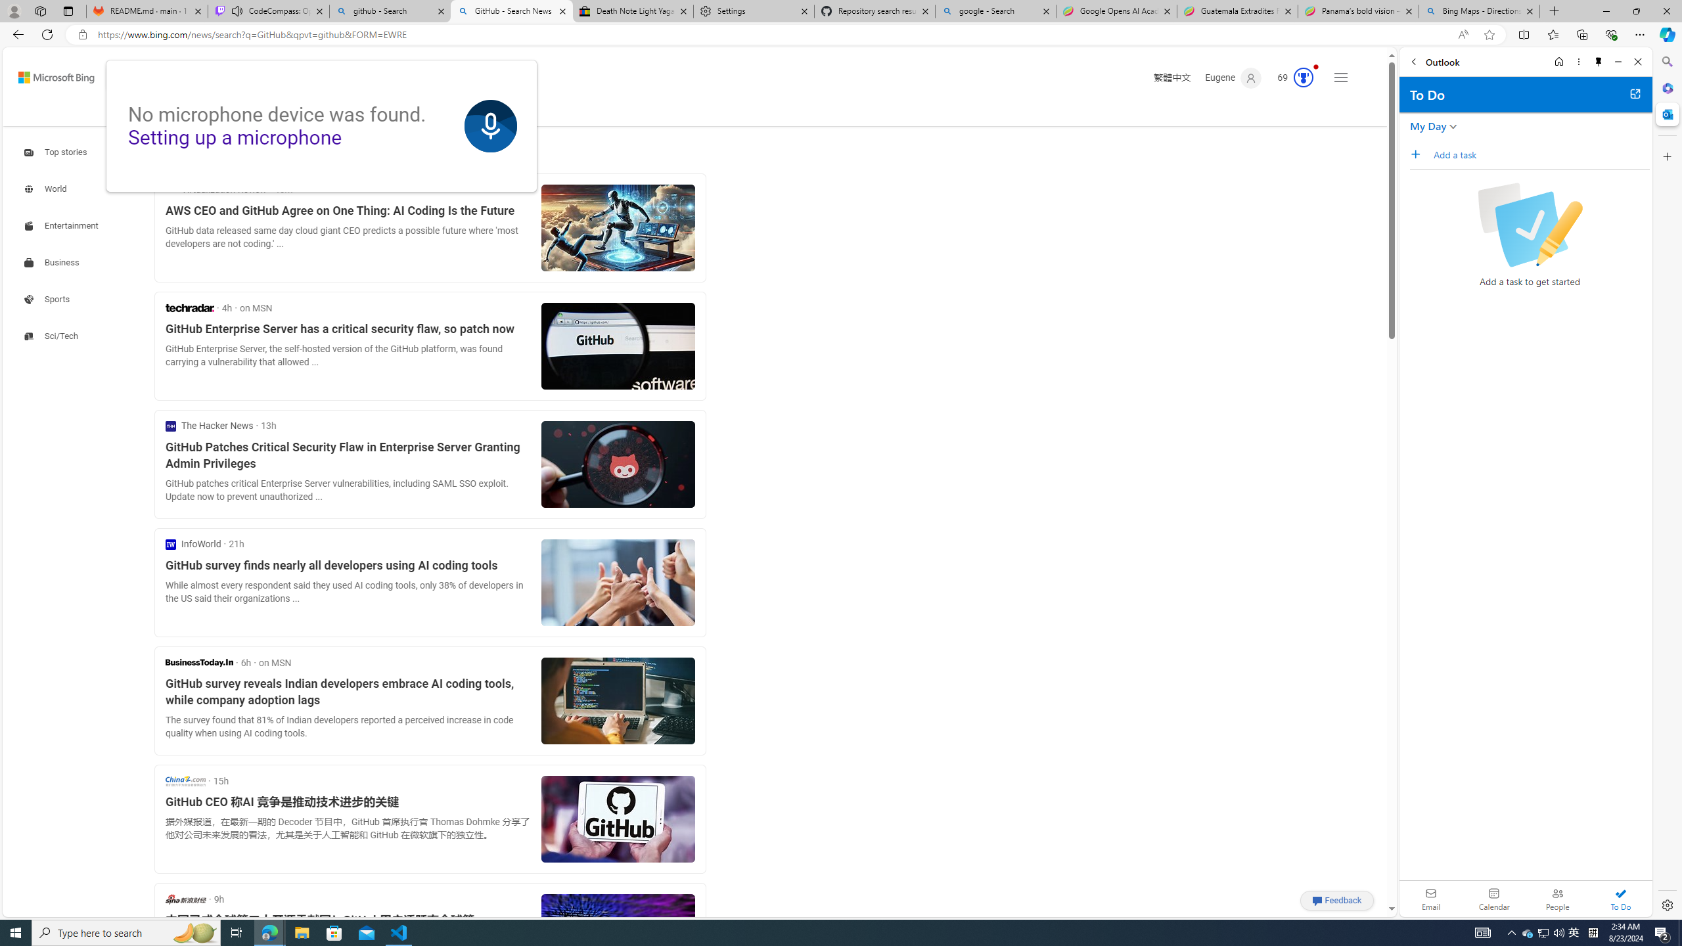  What do you see at coordinates (236, 10) in the screenshot?
I see `'Mute tab'` at bounding box center [236, 10].